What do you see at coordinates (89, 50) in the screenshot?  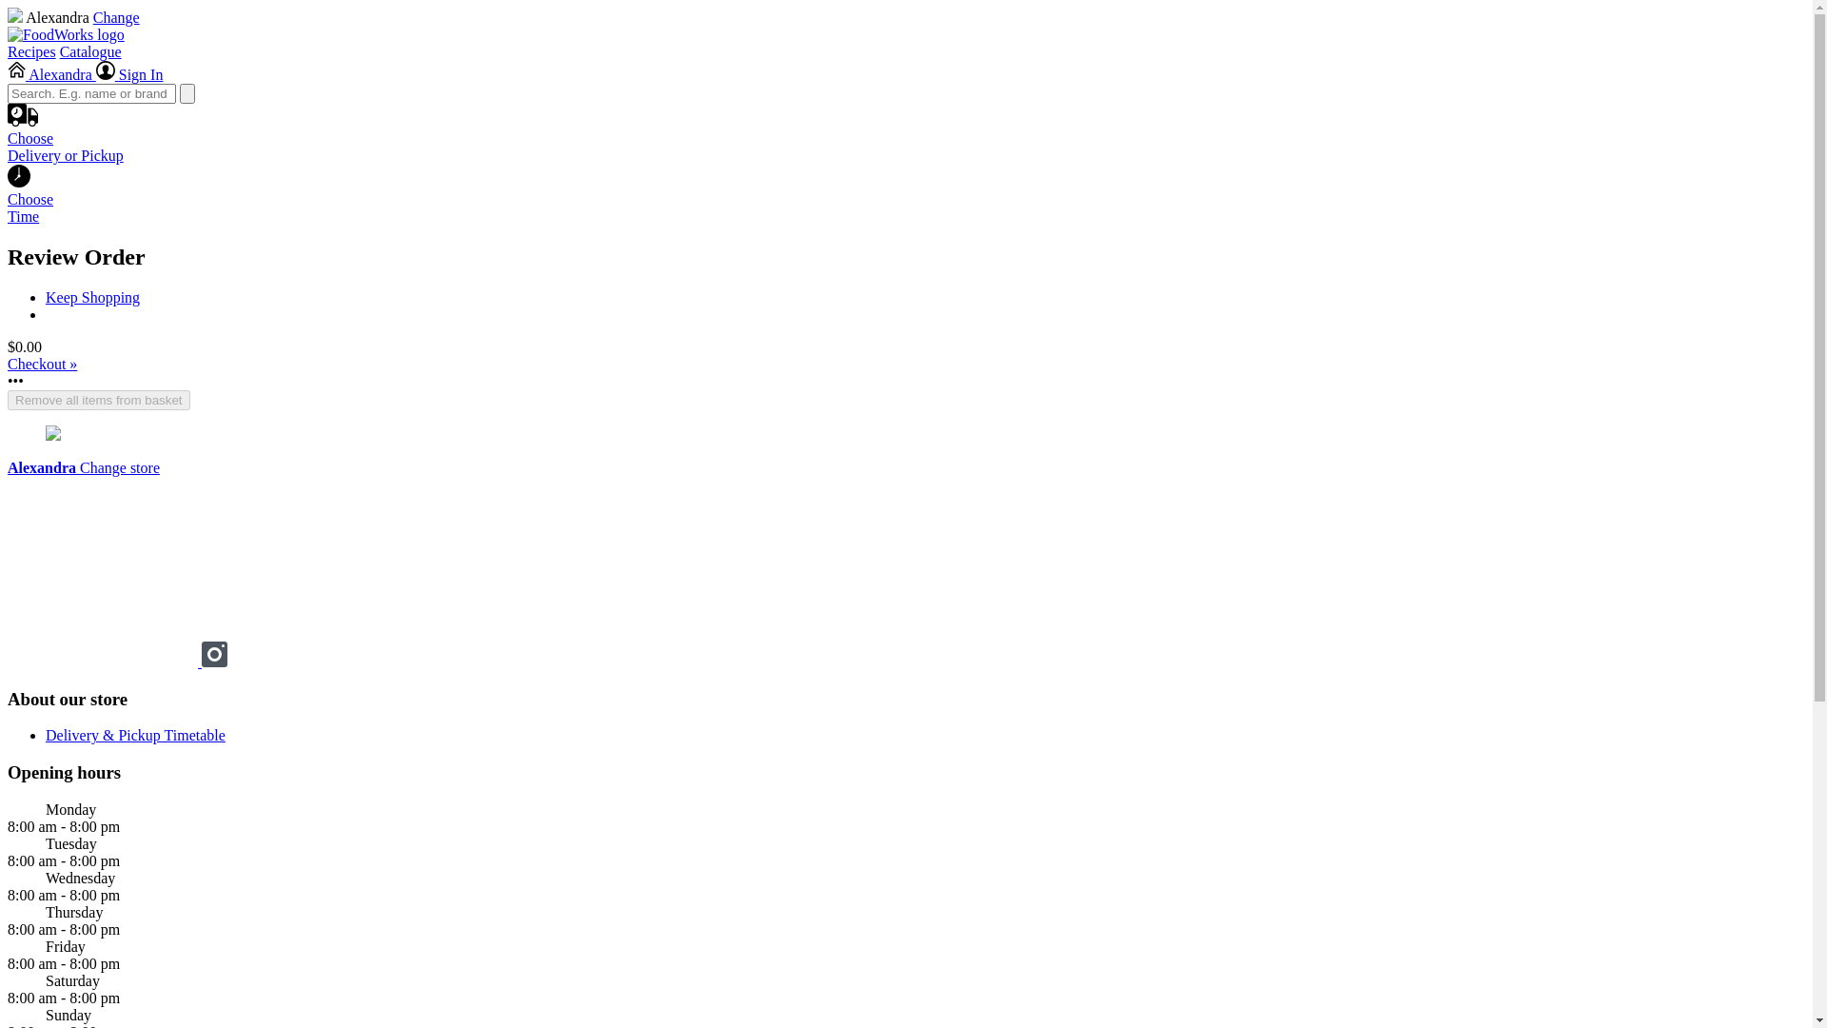 I see `'Catalogue'` at bounding box center [89, 50].